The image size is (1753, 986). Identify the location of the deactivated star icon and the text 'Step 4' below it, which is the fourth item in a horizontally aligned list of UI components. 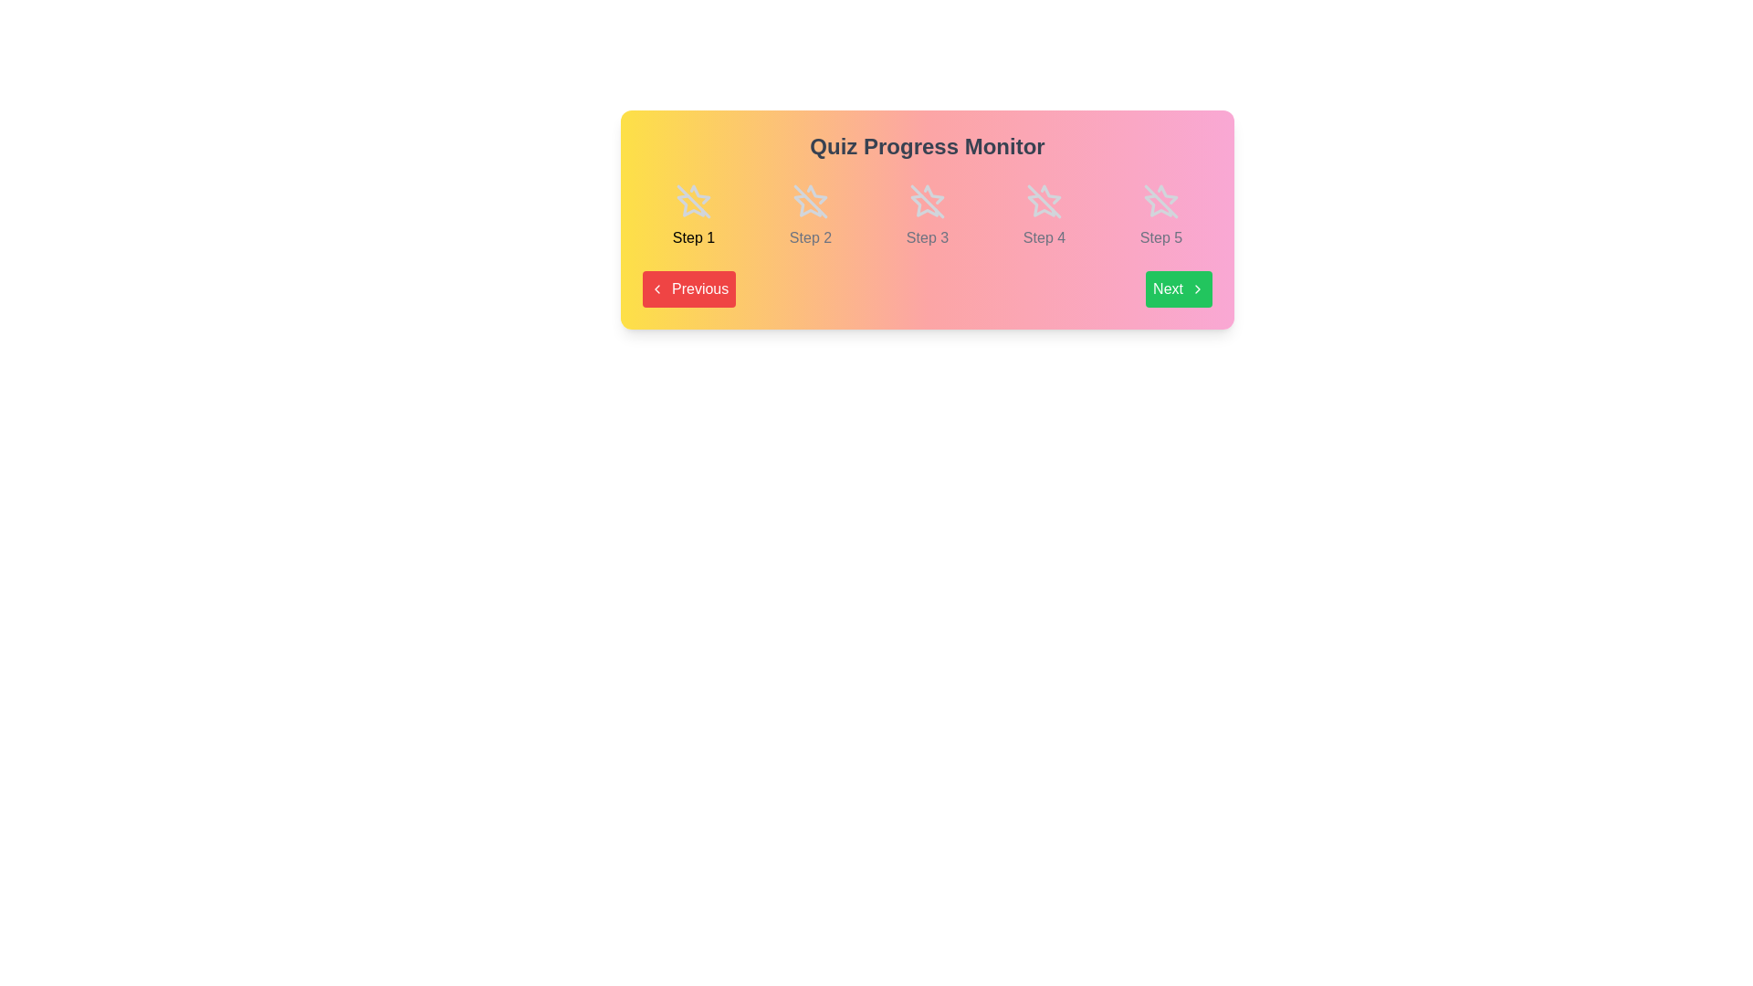
(1044, 215).